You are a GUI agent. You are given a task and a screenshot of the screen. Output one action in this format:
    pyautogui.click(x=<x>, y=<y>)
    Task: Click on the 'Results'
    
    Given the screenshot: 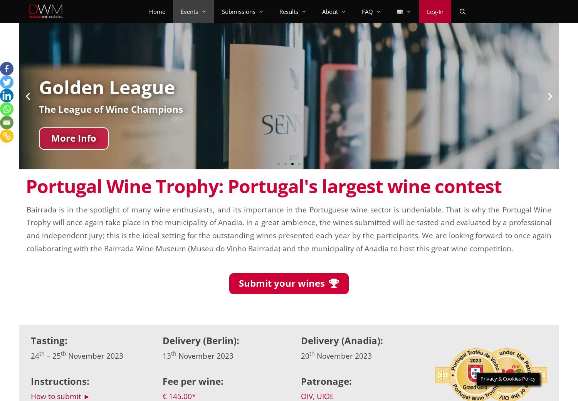 What is the action you would take?
    pyautogui.click(x=288, y=11)
    